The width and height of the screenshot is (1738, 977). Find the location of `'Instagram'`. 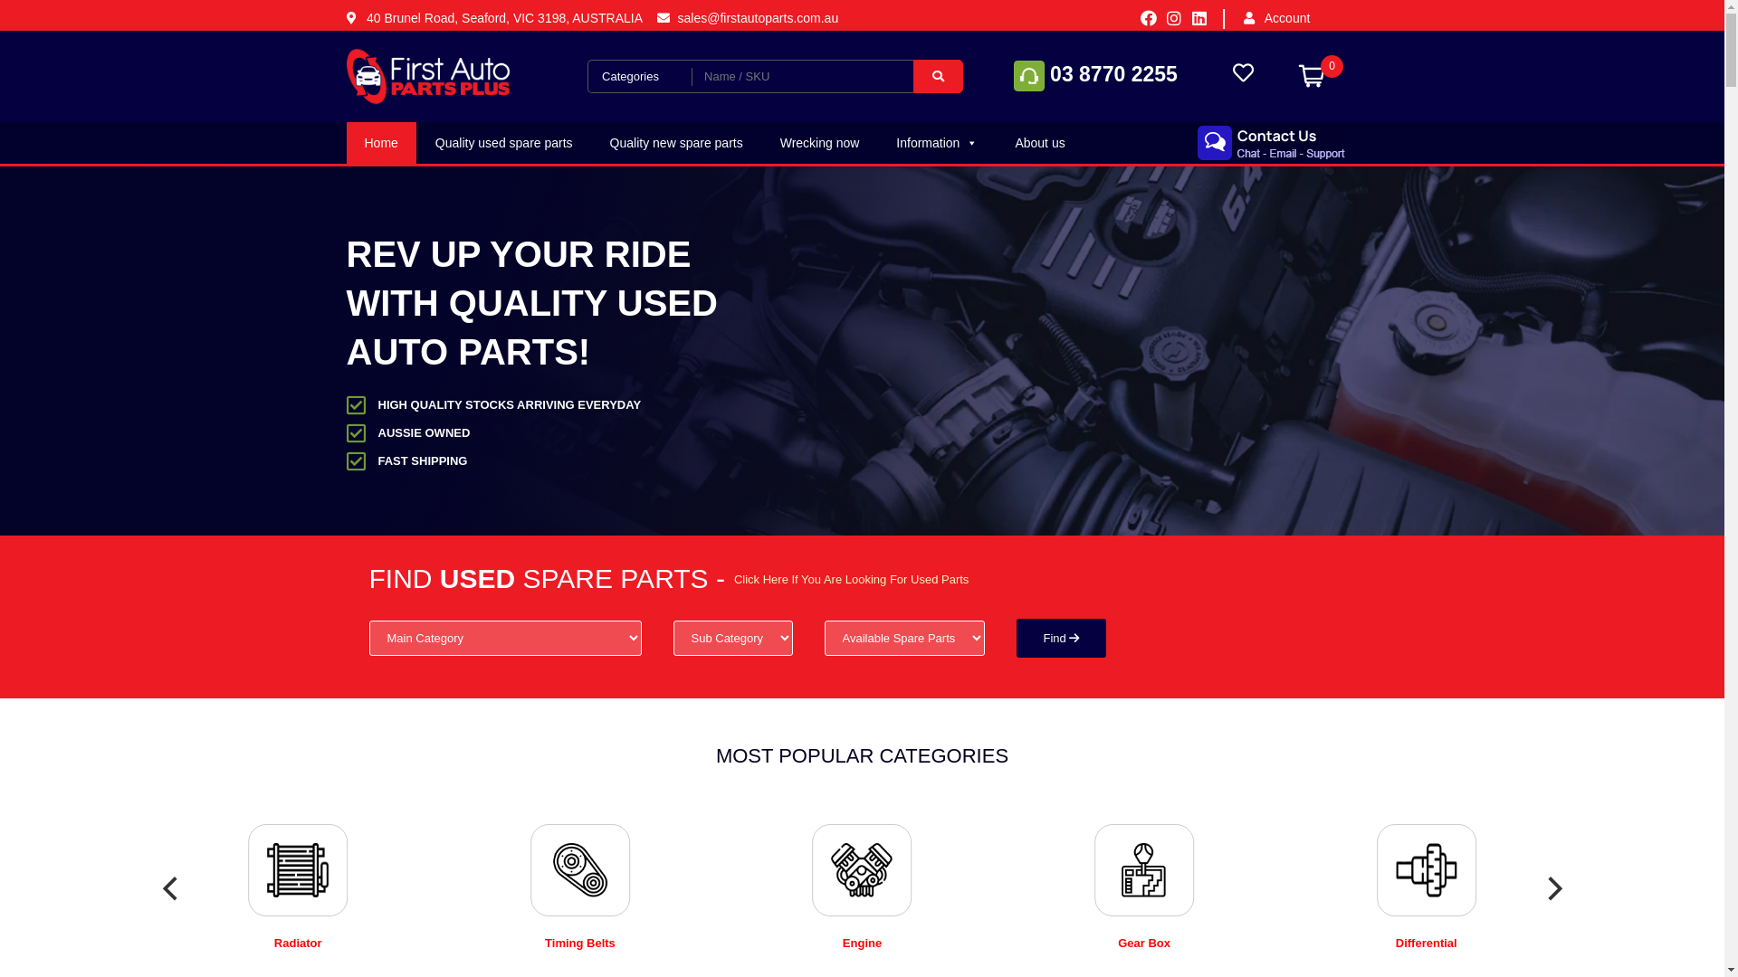

'Instagram' is located at coordinates (1173, 17).